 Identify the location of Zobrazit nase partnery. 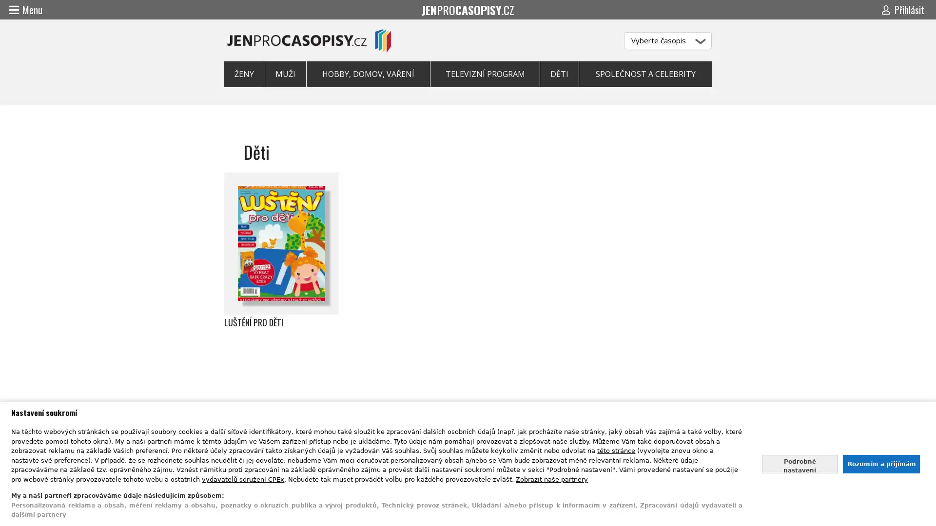
(552, 478).